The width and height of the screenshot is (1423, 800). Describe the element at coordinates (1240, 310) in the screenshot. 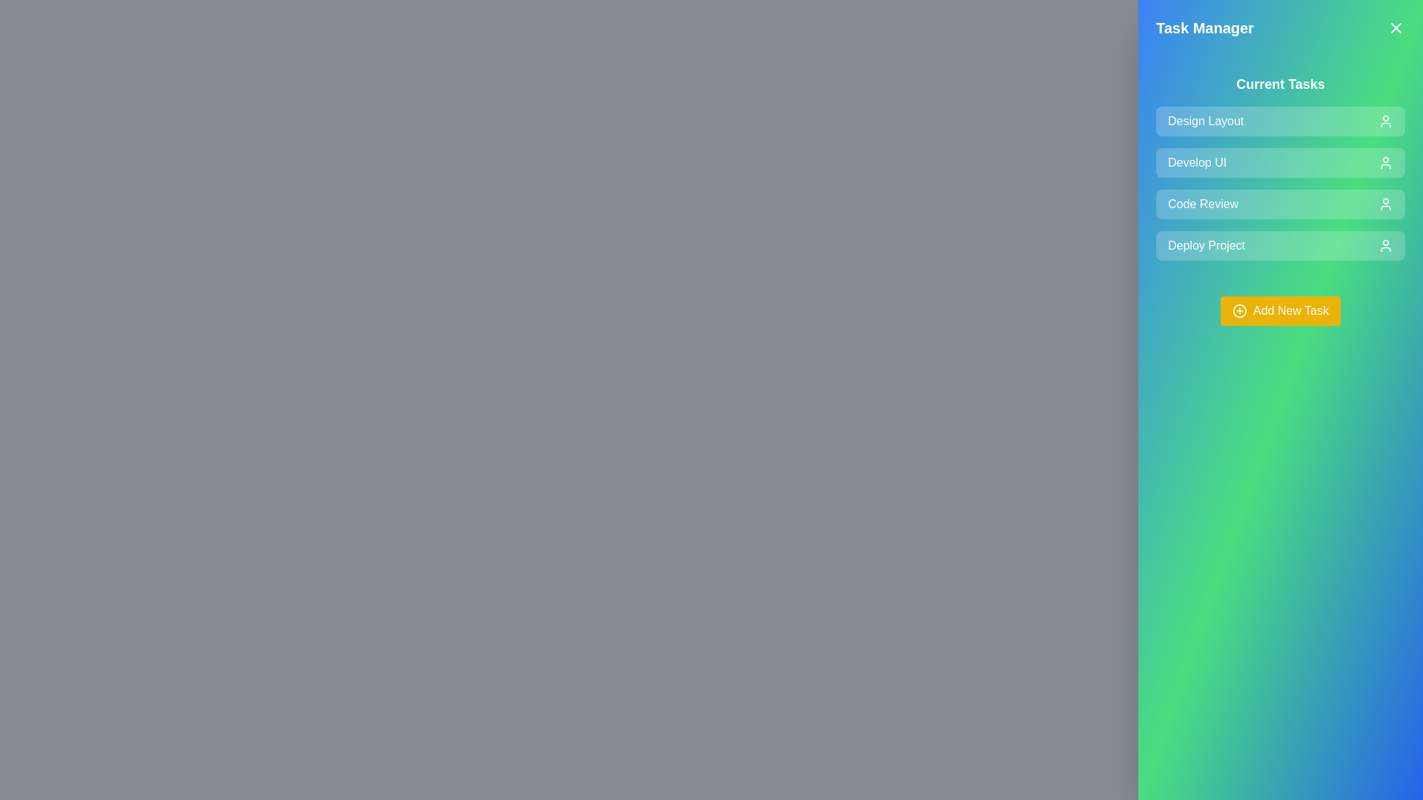

I see `the circular 'plus' icon component, which is part of the 'Add New Task' button located in the lower right sidebar` at that location.